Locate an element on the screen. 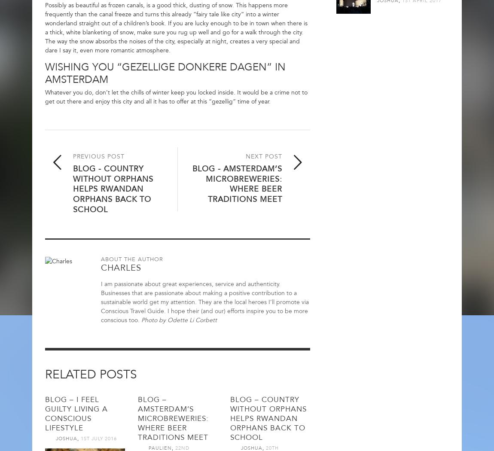  'Blog – I feel guilty living a conscious lifestyle' is located at coordinates (76, 413).